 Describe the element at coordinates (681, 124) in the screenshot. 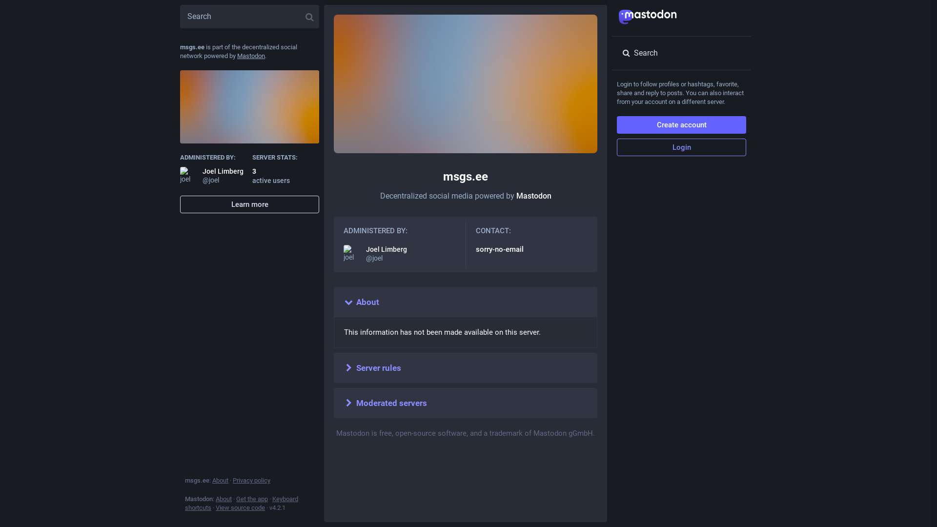

I see `'Create account'` at that location.